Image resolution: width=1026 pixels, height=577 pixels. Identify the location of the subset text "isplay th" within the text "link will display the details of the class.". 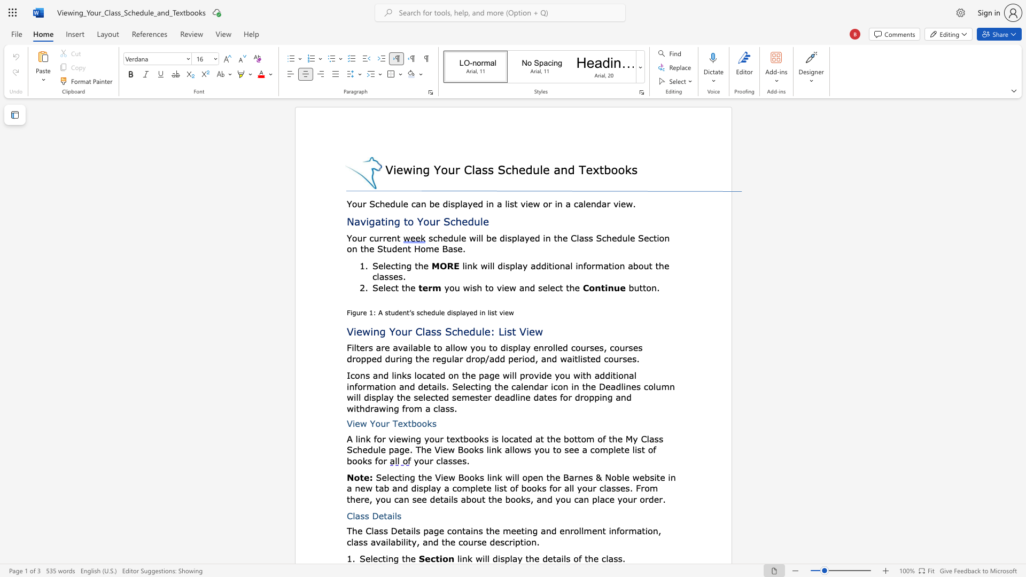
(497, 558).